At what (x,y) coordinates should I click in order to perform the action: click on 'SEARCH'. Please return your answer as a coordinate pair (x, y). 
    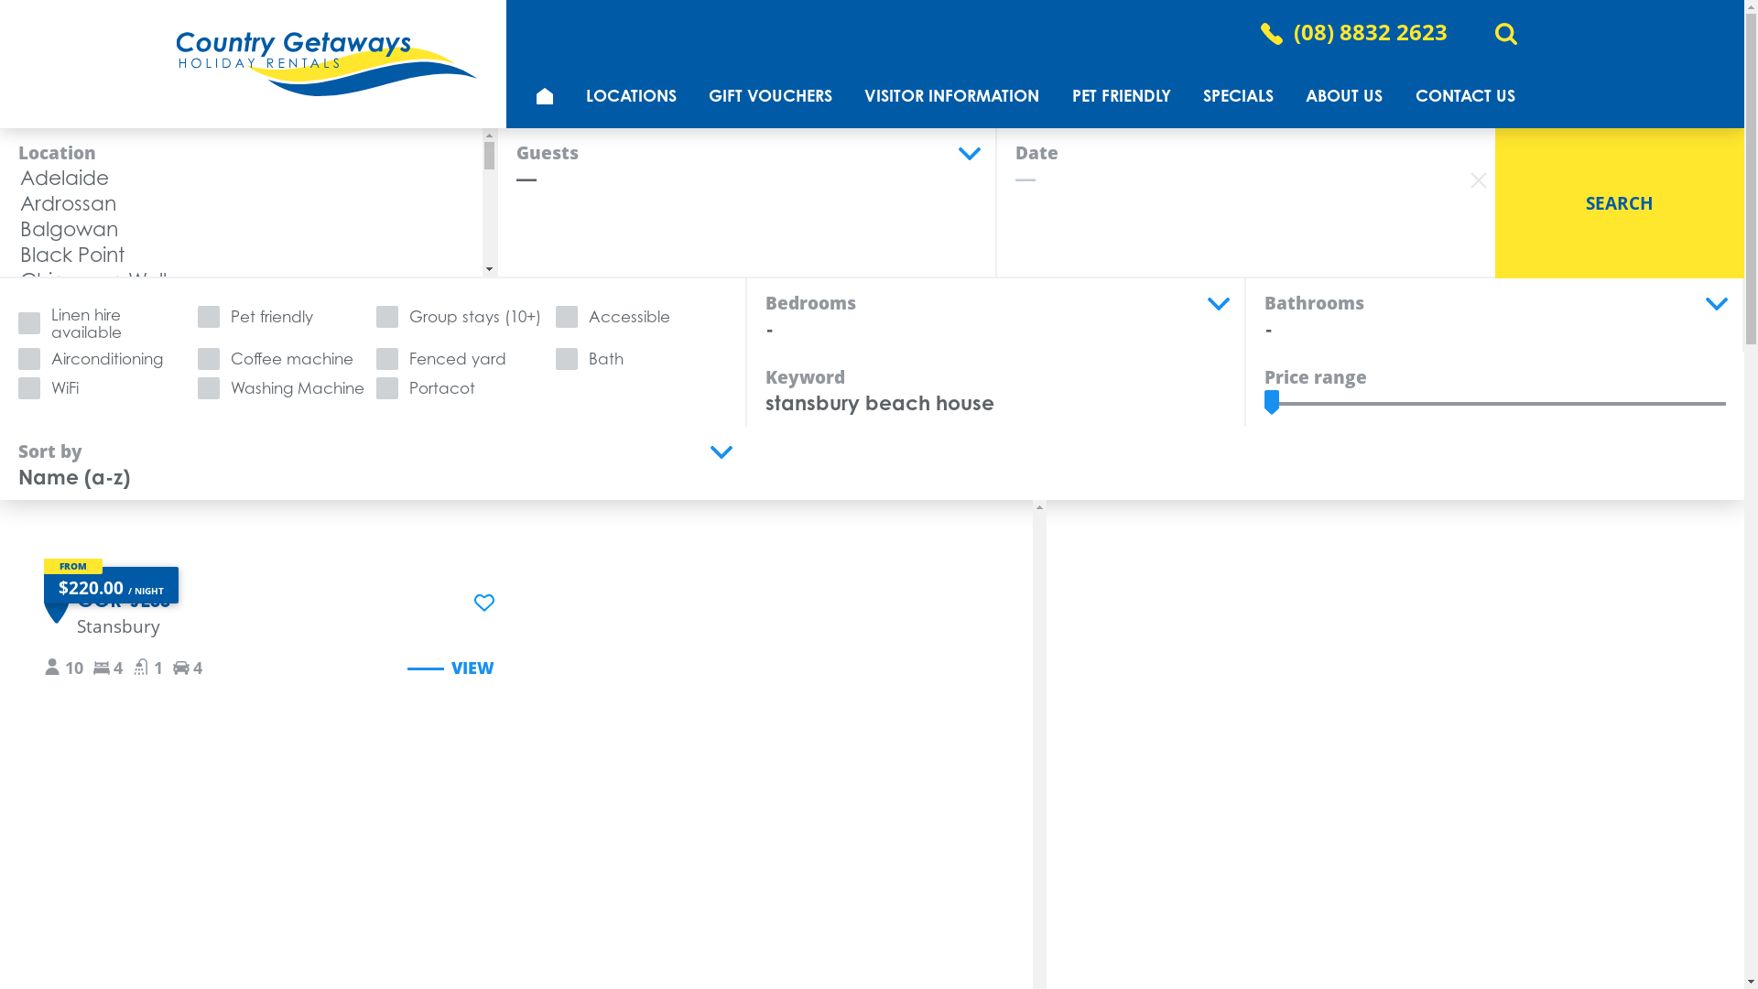
    Looking at the image, I should click on (1620, 203).